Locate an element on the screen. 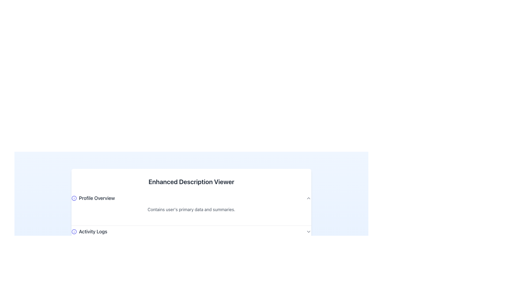  the Text Label stating 'Contains user's primary data and summaries' located below the 'Profile Overview' header is located at coordinates (191, 209).